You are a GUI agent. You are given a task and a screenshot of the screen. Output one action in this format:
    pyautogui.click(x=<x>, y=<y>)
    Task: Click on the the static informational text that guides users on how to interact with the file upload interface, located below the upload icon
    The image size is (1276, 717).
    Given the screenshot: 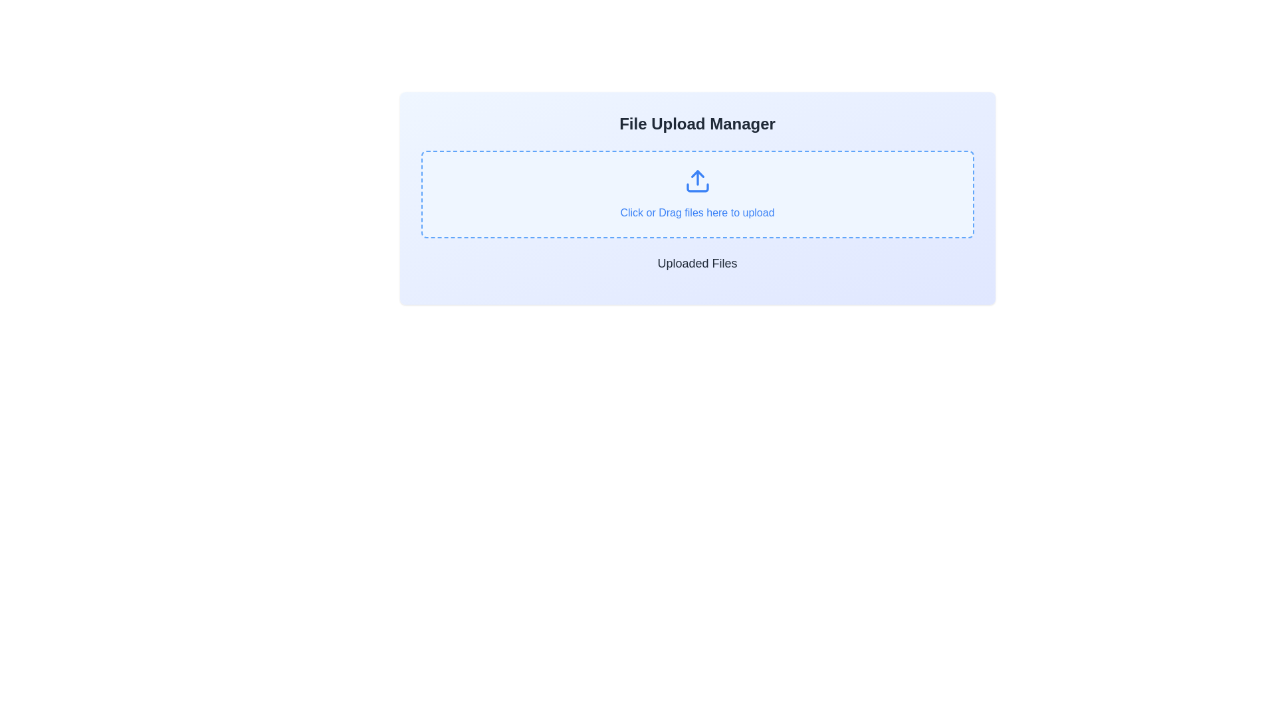 What is the action you would take?
    pyautogui.click(x=696, y=212)
    